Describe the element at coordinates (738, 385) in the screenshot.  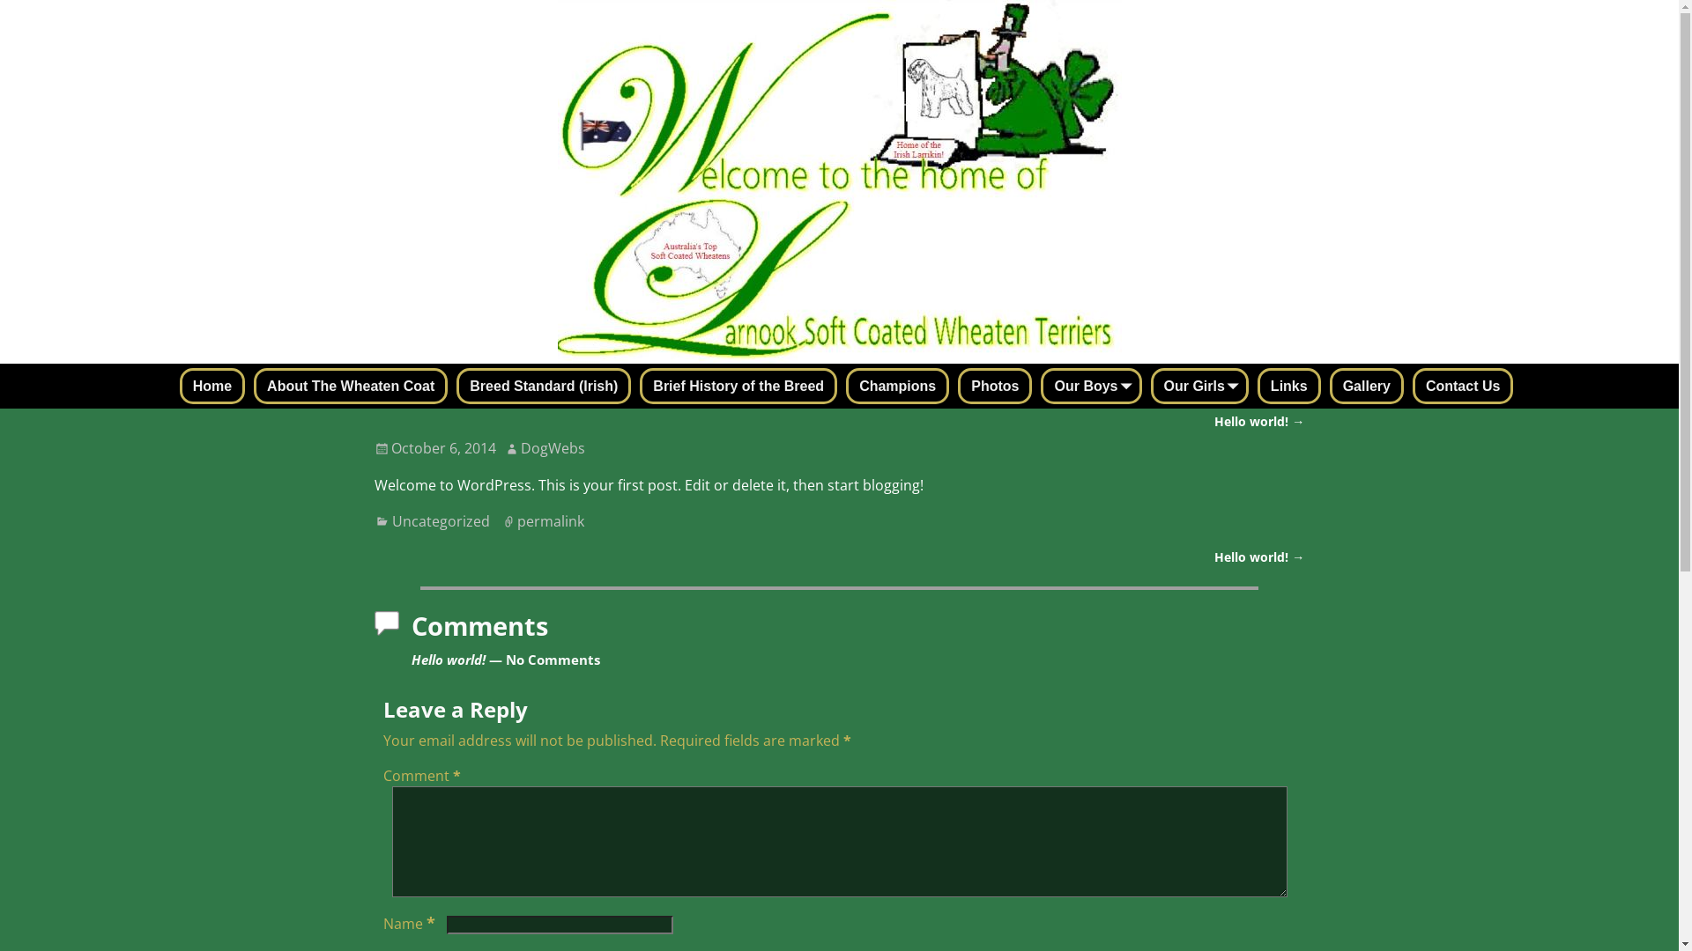
I see `'Brief History of the Breed'` at that location.